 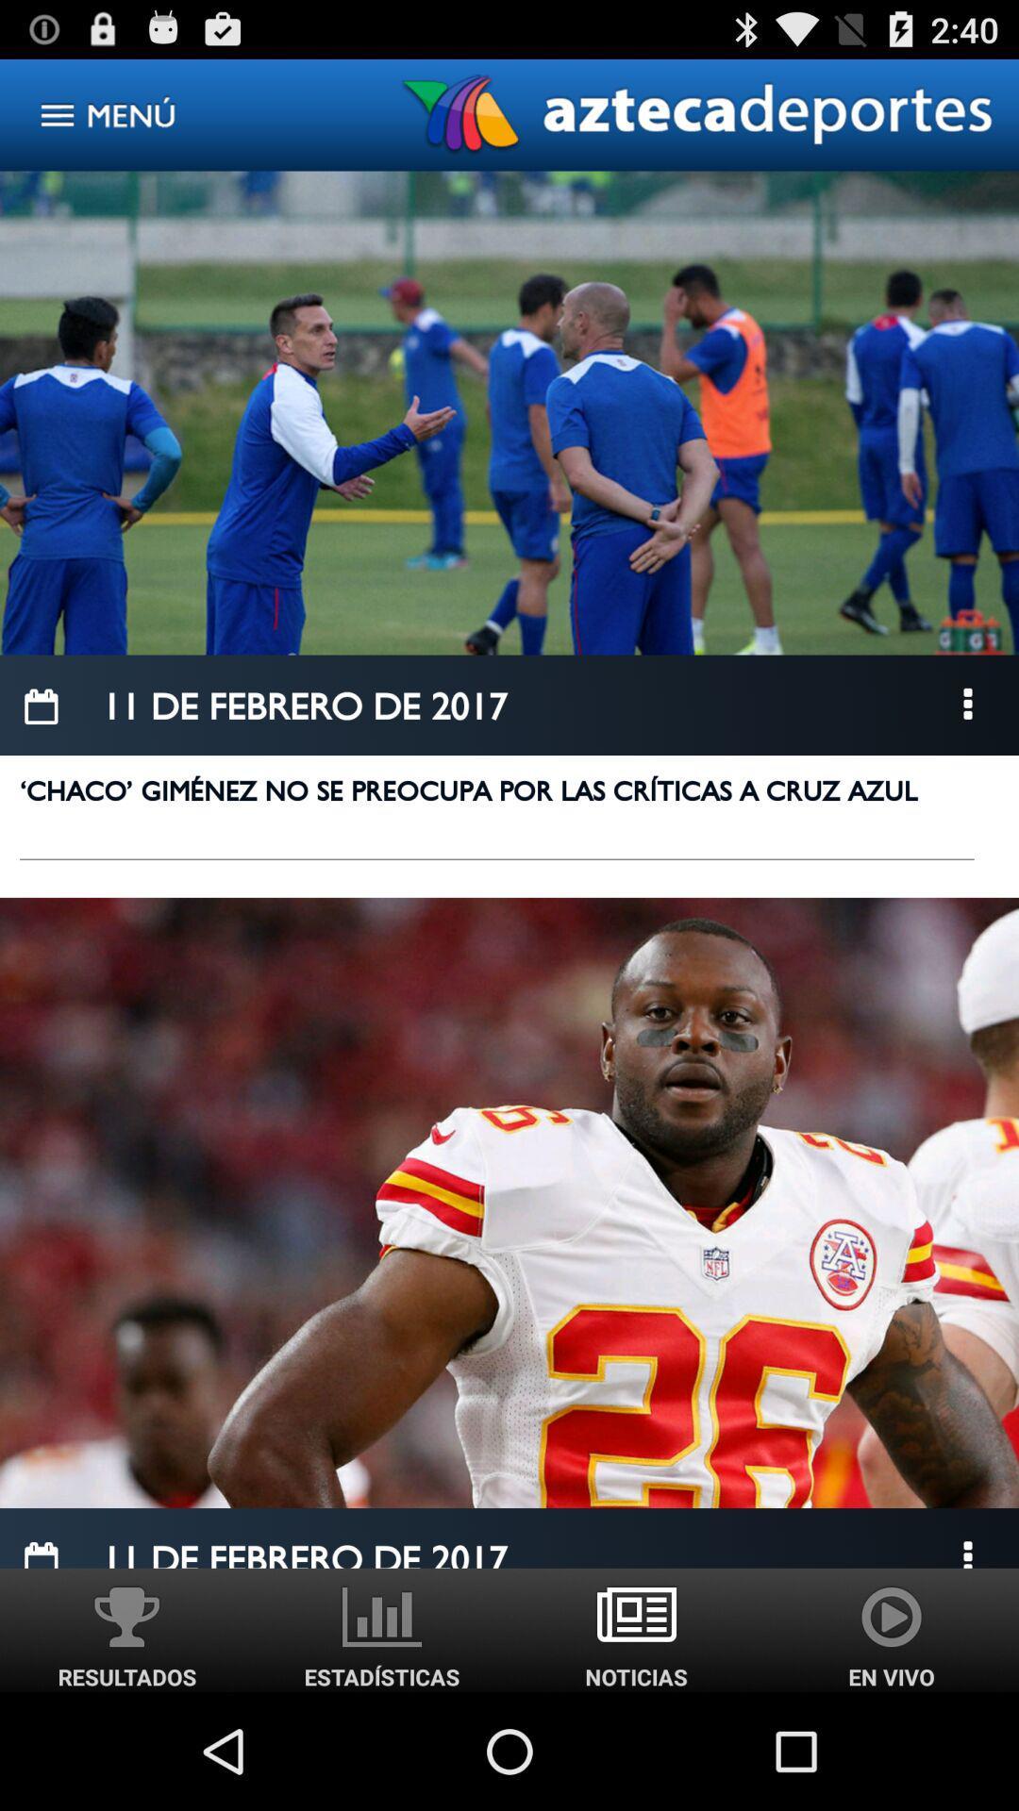 What do you see at coordinates (382, 1629) in the screenshot?
I see `the right side icon adjacent to resultados` at bounding box center [382, 1629].